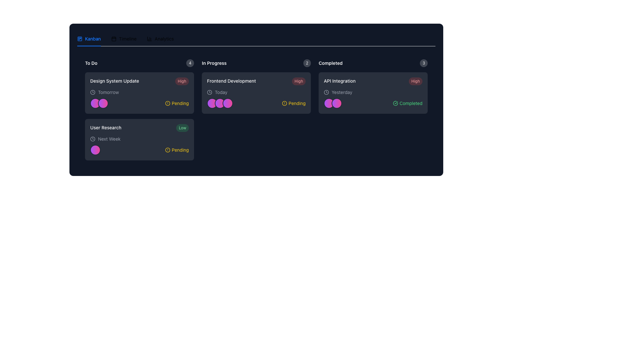 The image size is (623, 350). I want to click on the time-related icon located in the 'To Do' column, which is positioned to the left of the label 'Tomorrow', so click(92, 92).